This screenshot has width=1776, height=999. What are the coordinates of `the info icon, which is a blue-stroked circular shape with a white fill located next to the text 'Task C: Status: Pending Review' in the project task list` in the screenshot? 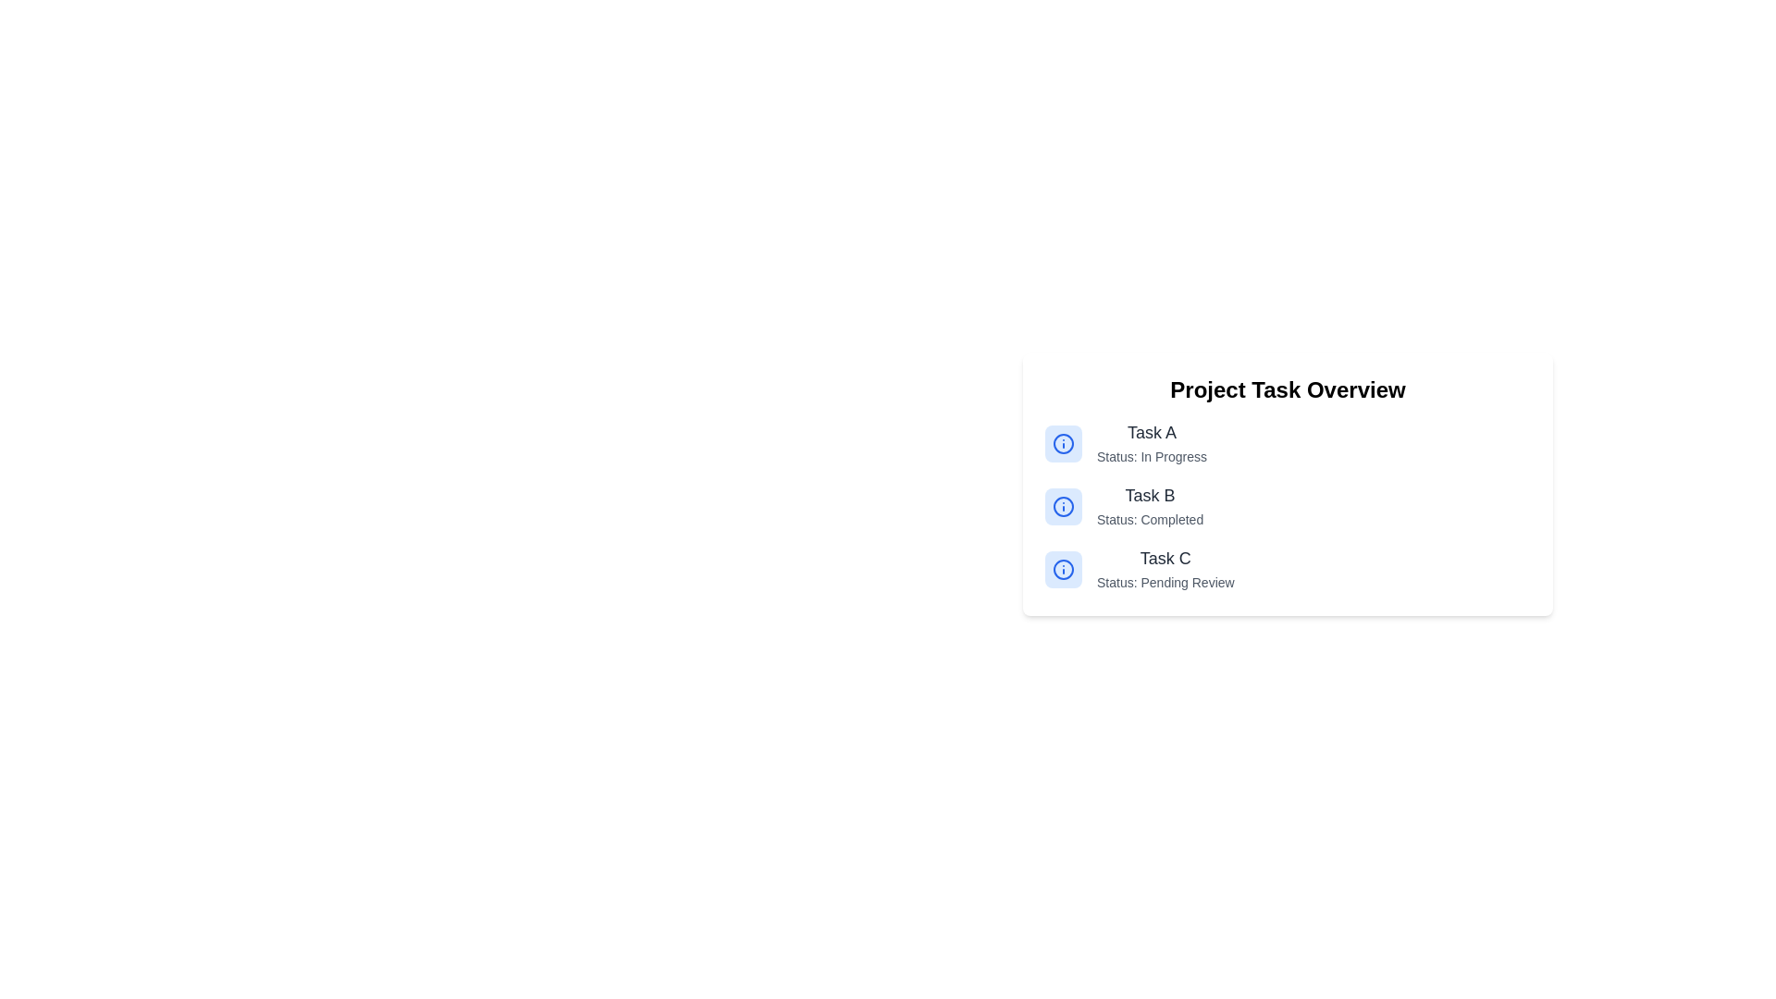 It's located at (1064, 569).